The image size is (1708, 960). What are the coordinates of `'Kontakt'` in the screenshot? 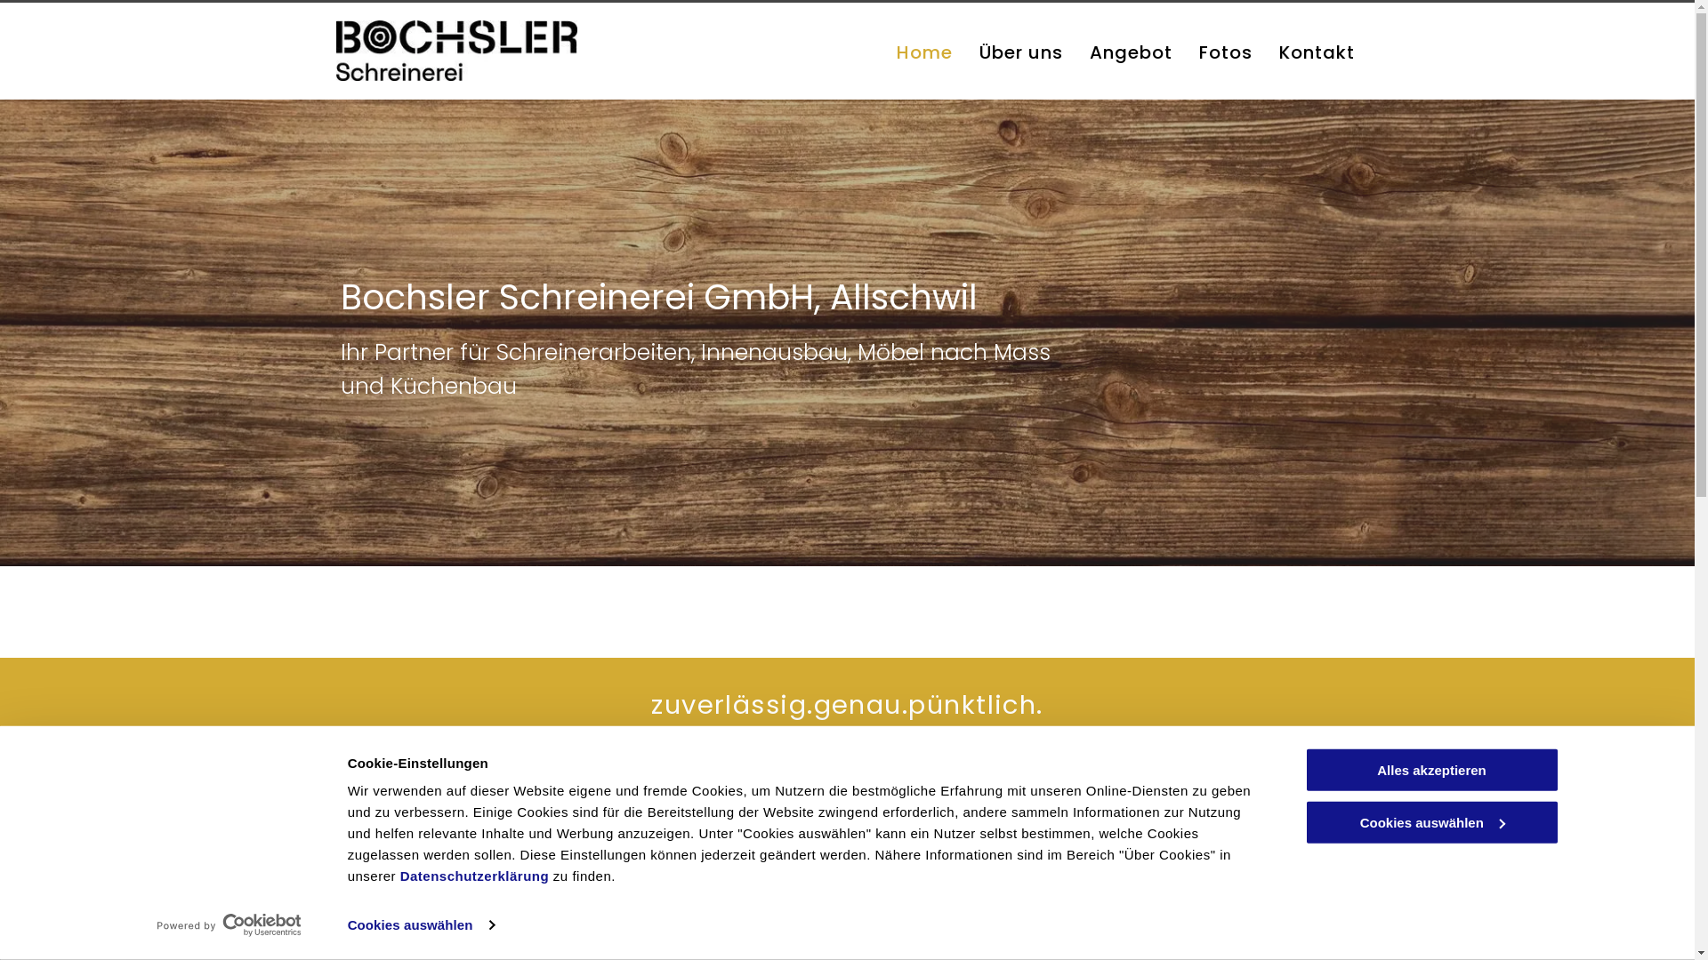 It's located at (1317, 51).